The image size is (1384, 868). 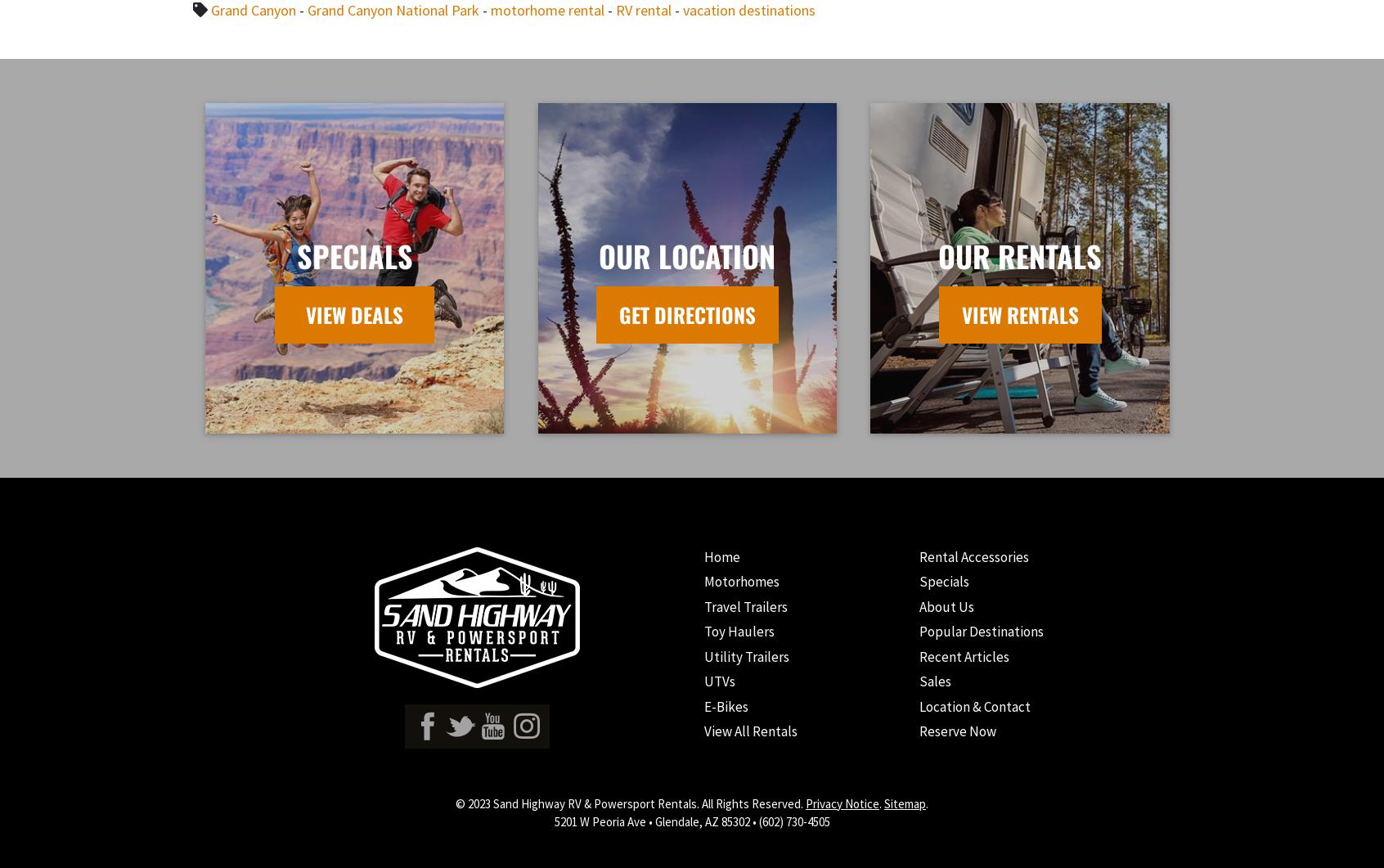 What do you see at coordinates (703, 581) in the screenshot?
I see `'Motorhomes'` at bounding box center [703, 581].